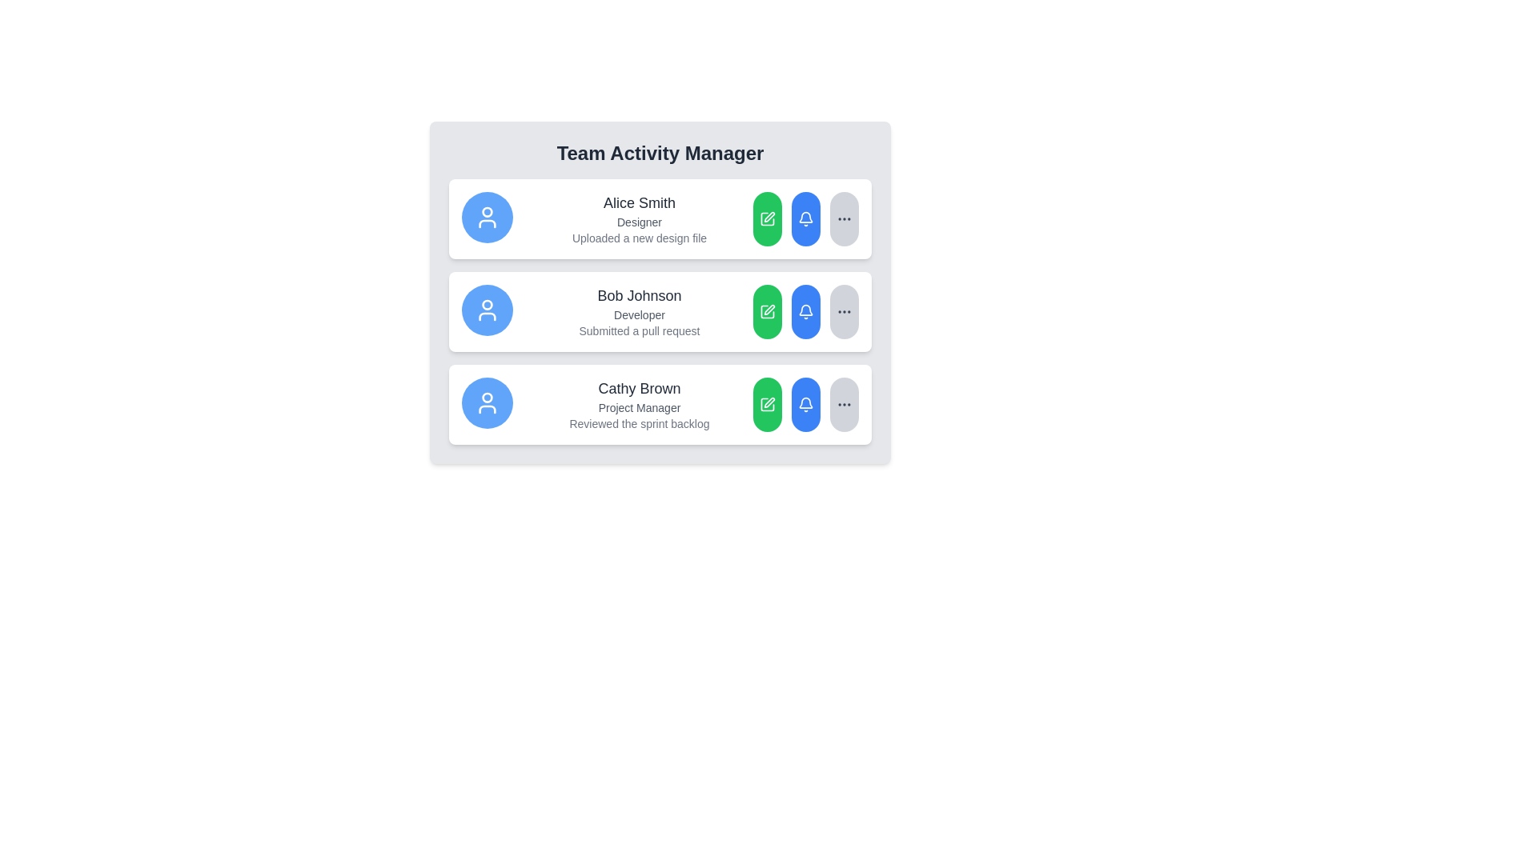 This screenshot has height=864, width=1537. I want to click on the notification button, which is the third button from the left in the group, located in the 'Team Activity Manager' section next to 'Bob Johnson', to observe the hover effect, so click(806, 311).